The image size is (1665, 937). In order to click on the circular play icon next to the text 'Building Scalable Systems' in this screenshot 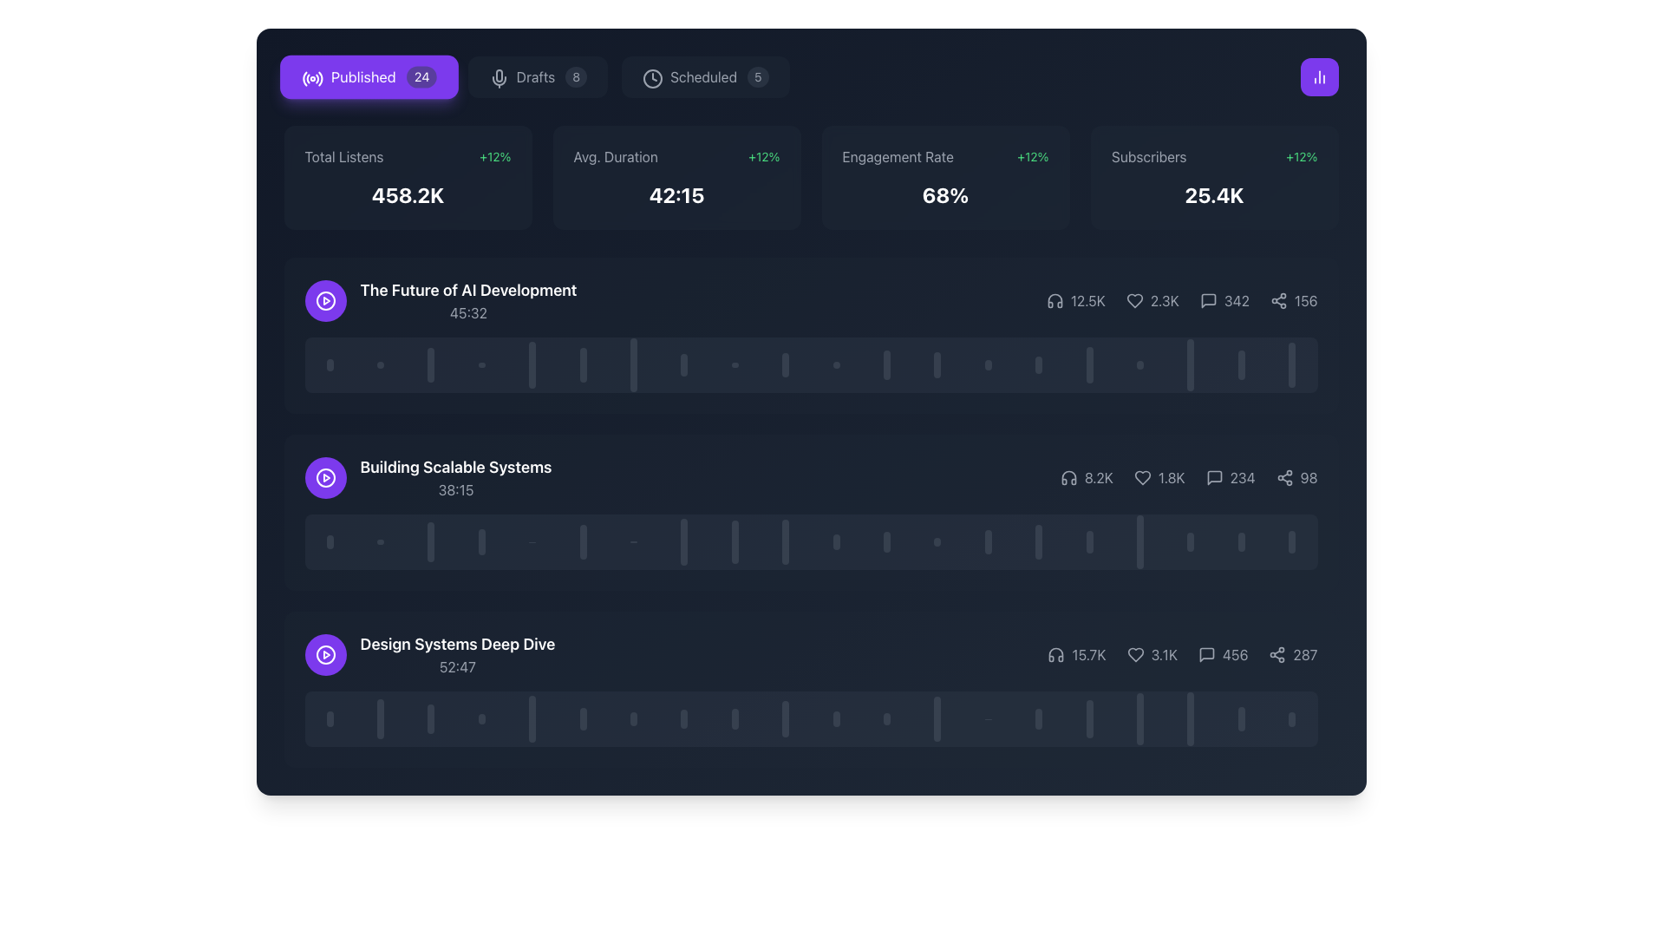, I will do `click(428, 478)`.